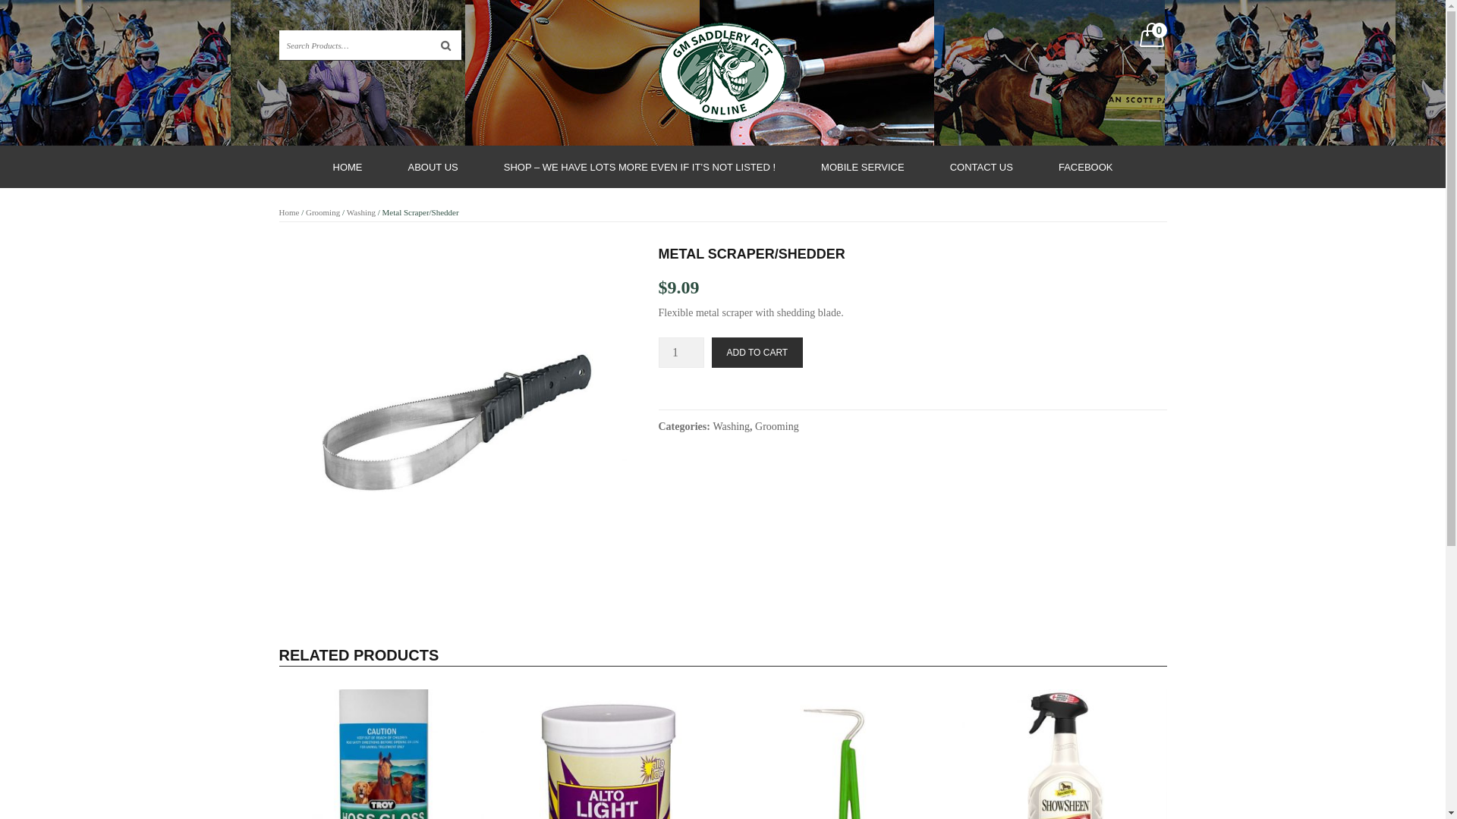  Describe the element at coordinates (347, 167) in the screenshot. I see `'HOME'` at that location.